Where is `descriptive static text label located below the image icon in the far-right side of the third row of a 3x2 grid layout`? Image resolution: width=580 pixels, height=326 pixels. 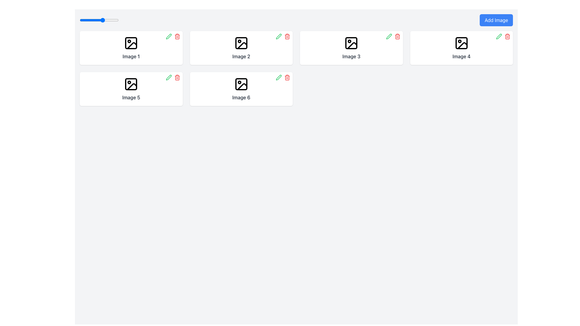 descriptive static text label located below the image icon in the far-right side of the third row of a 3x2 grid layout is located at coordinates (461, 56).